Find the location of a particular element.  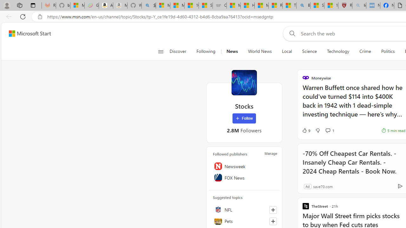

'Discover' is located at coordinates (178, 51).